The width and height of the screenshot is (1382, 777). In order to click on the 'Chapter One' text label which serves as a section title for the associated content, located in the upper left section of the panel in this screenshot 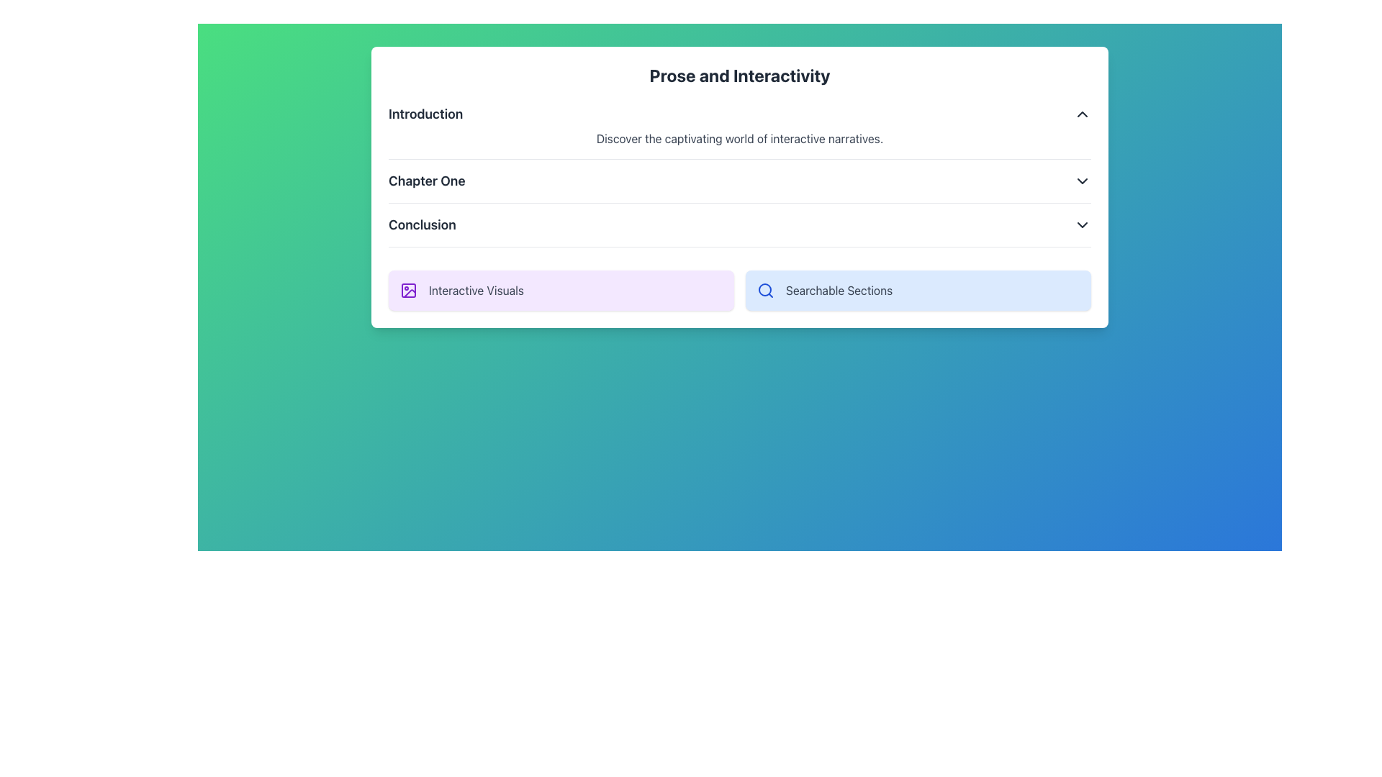, I will do `click(426, 180)`.